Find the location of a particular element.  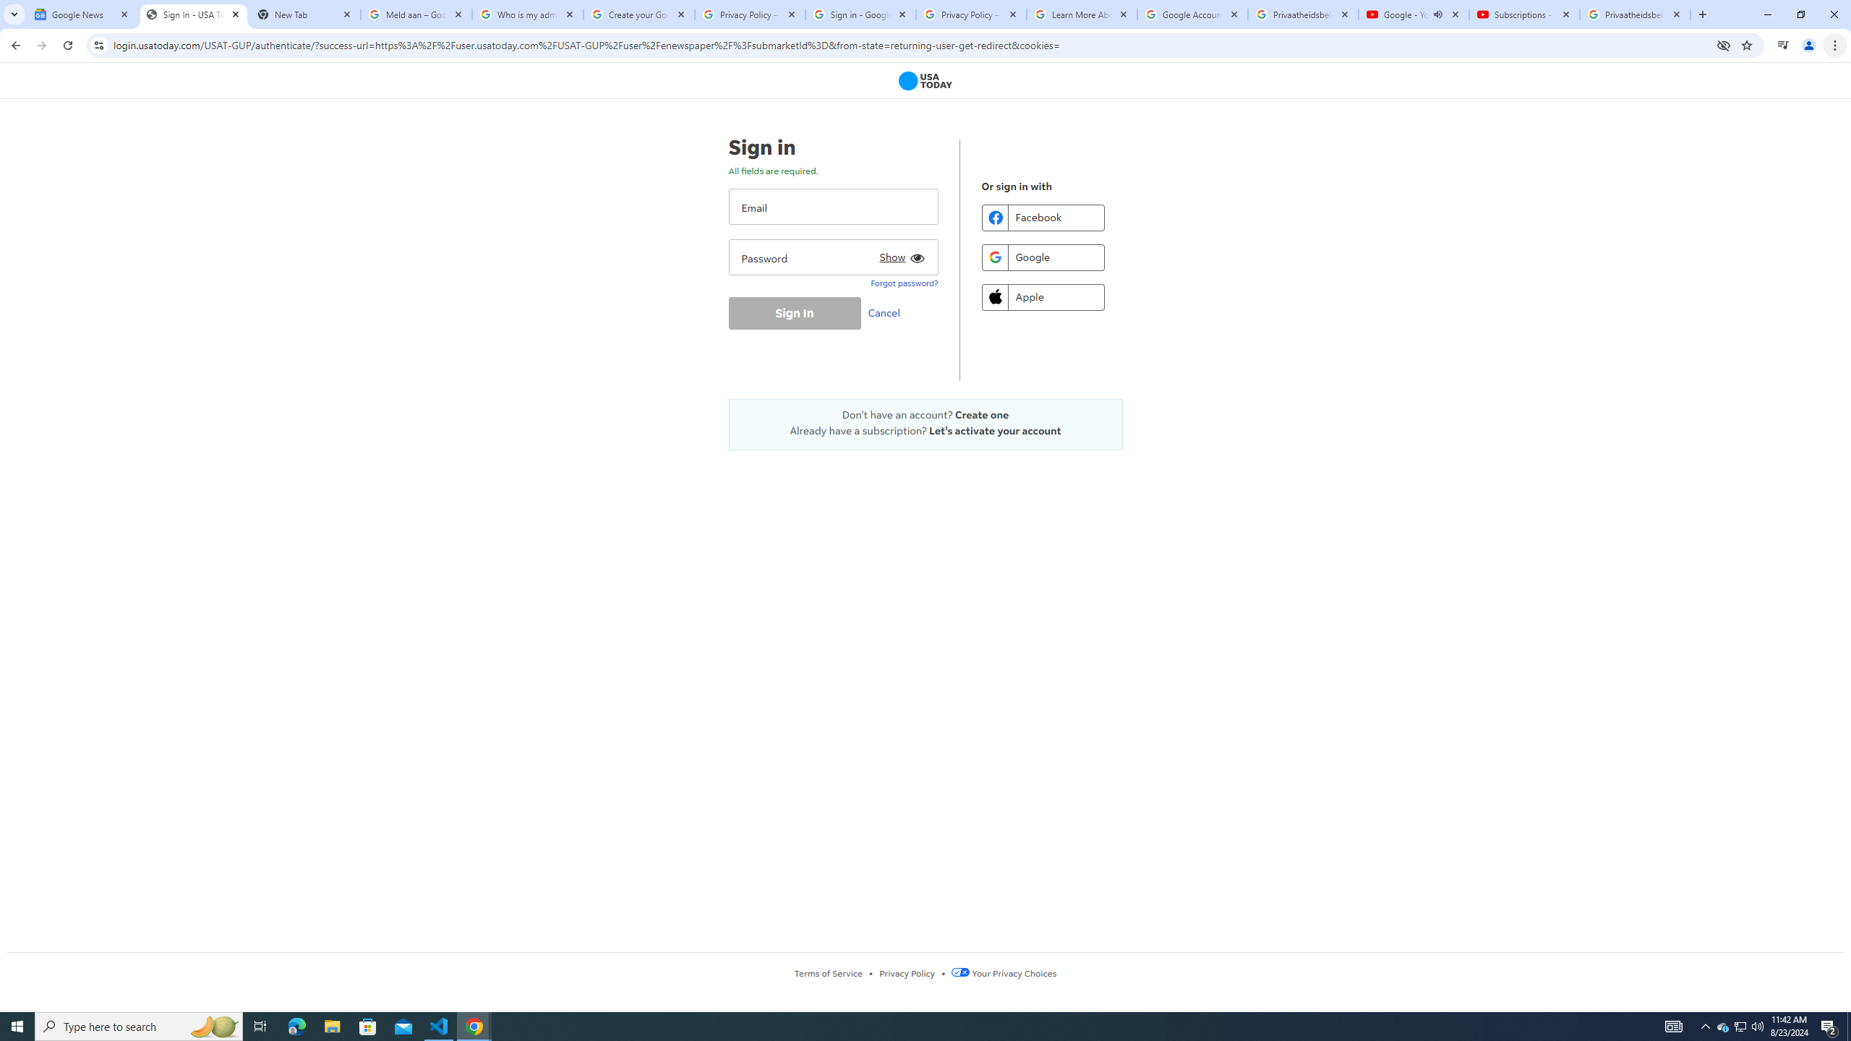

'Create your Google Account' is located at coordinates (639, 14).